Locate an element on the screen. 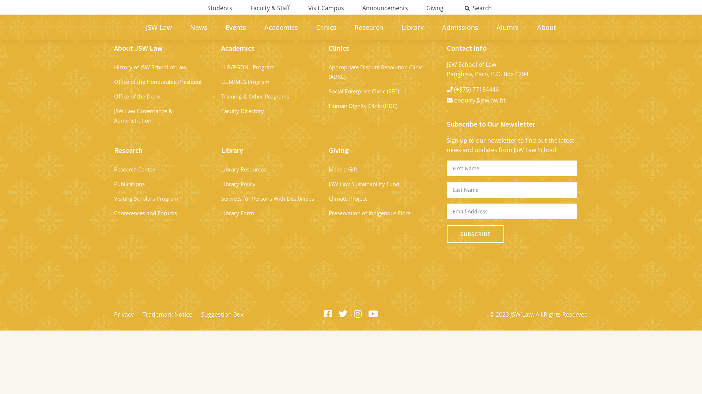  'Events' is located at coordinates (235, 27).